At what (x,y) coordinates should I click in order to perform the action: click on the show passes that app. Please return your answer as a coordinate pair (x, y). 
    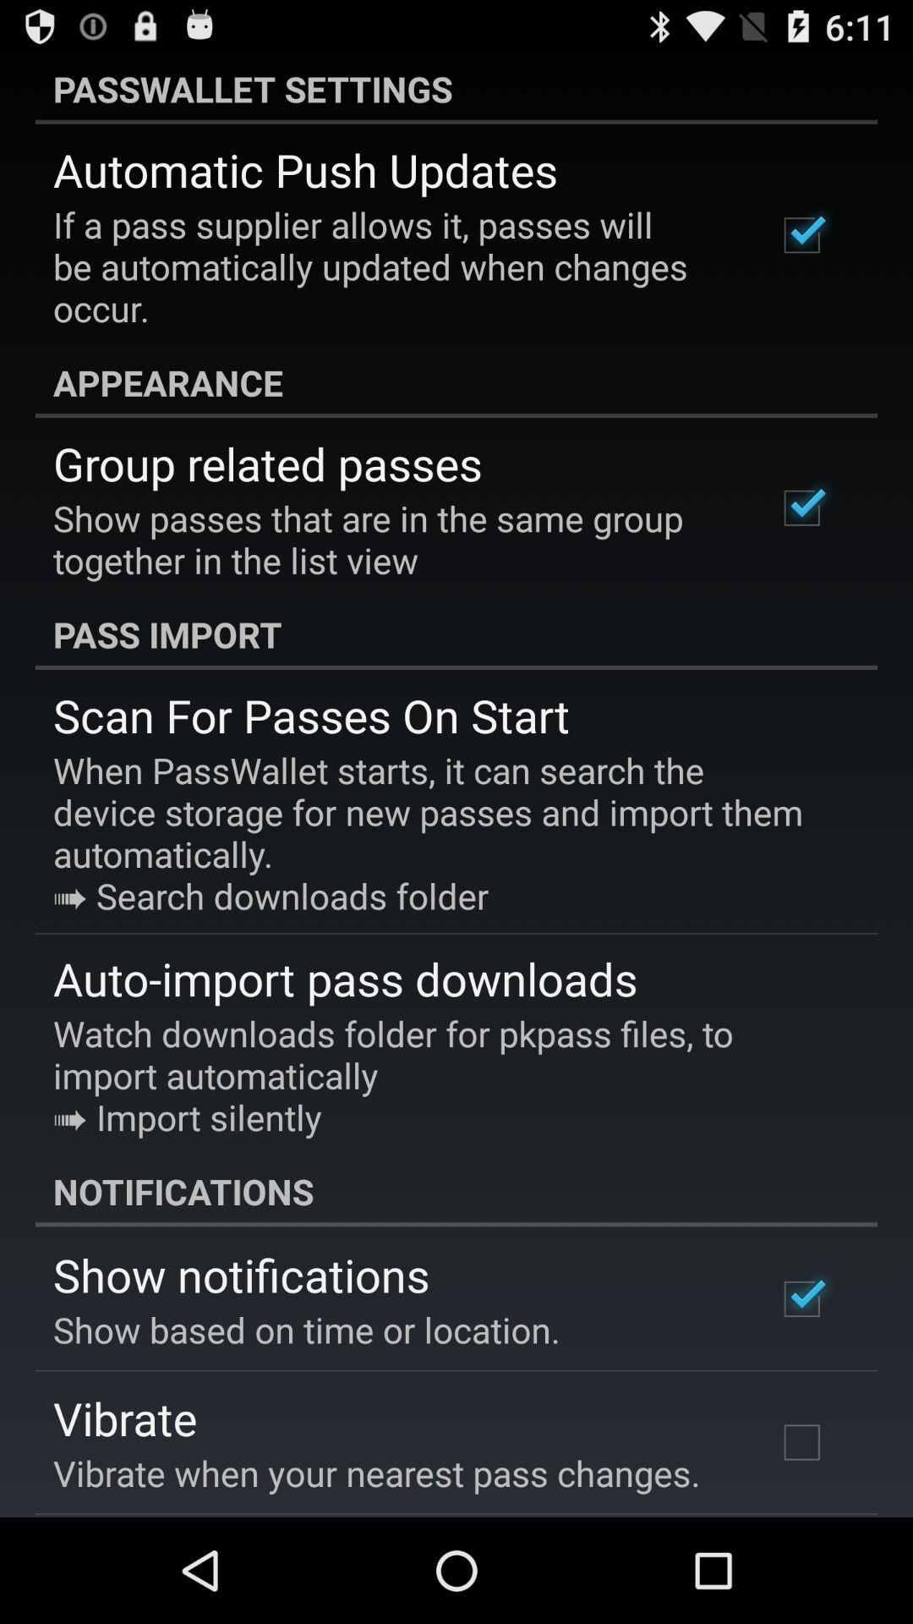
    Looking at the image, I should click on (391, 538).